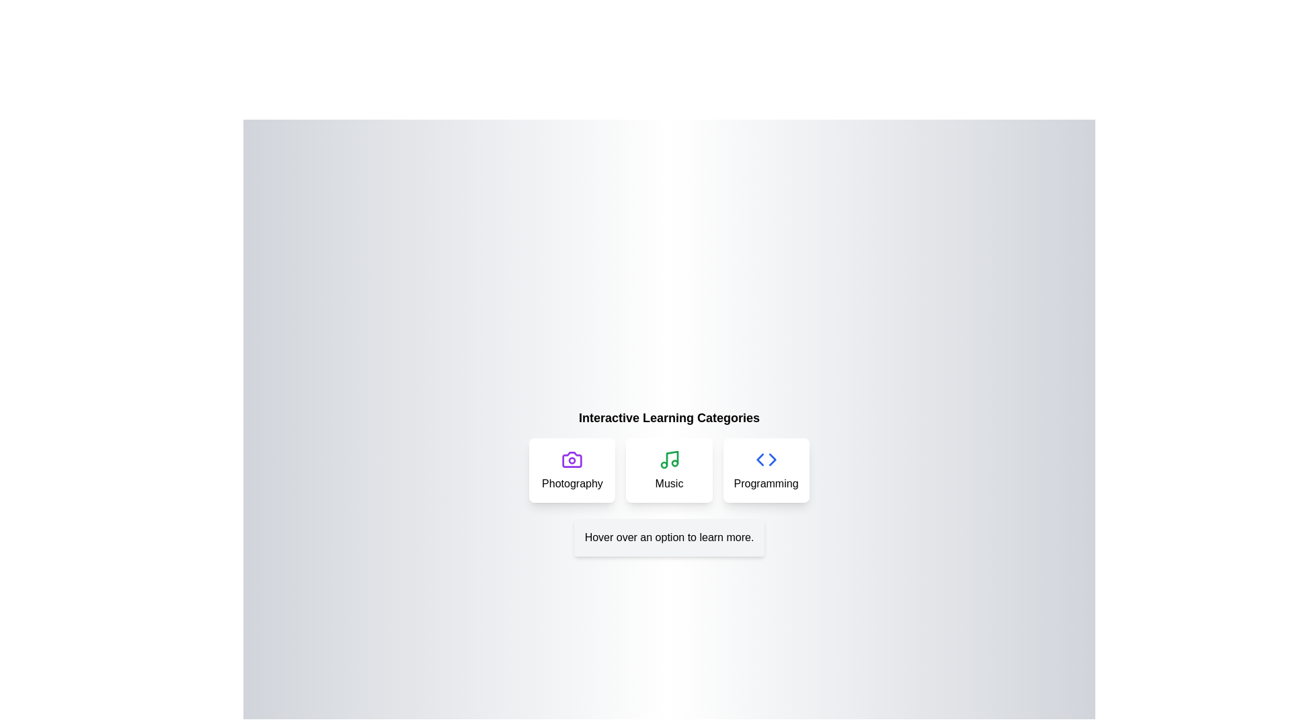  I want to click on the vertical line representing the stem of the musical note icon, which is located to the left of the text 'Music' in the interactive interface, so click(672, 458).